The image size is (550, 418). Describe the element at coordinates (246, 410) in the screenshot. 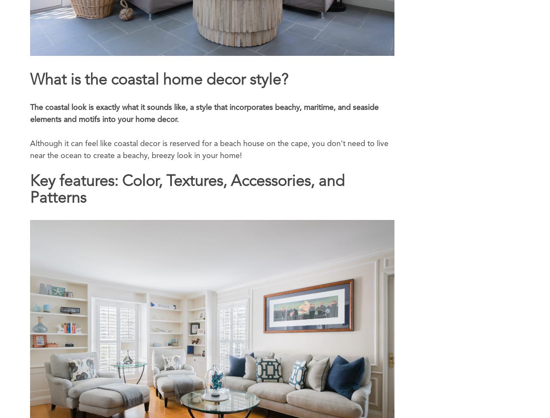

I see `'Subscribe'` at that location.